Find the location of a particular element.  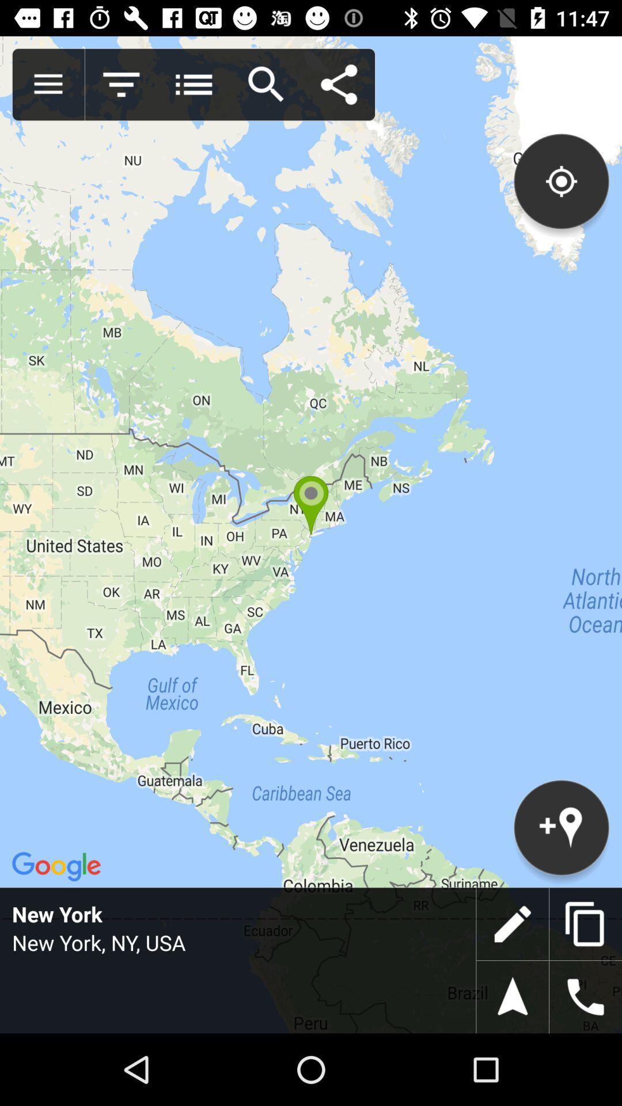

call is located at coordinates (586, 997).